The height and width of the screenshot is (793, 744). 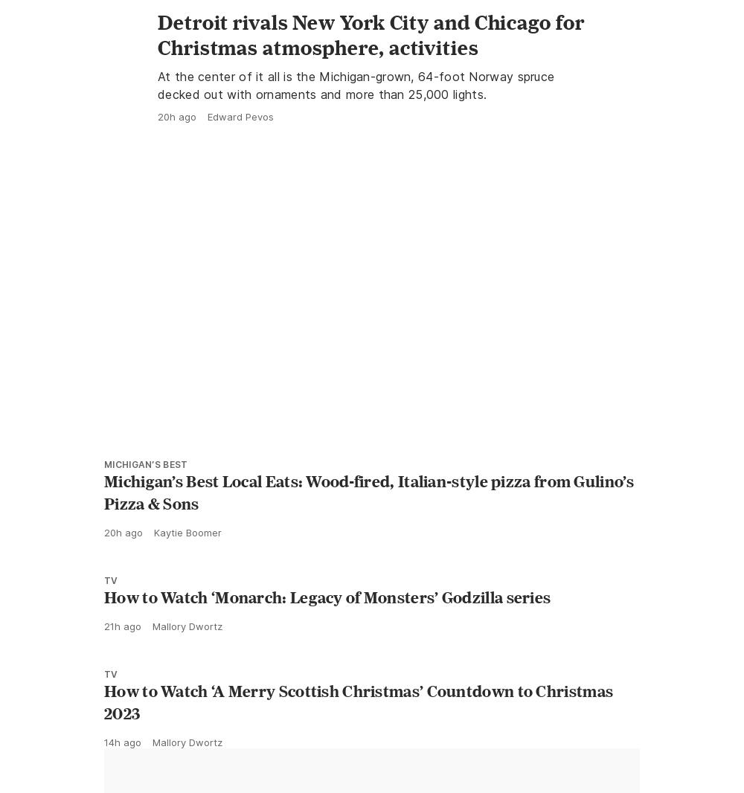 I want to click on 'Detroit rivals New York City and Chicago for Christmas atmosphere, activities', so click(x=370, y=67).